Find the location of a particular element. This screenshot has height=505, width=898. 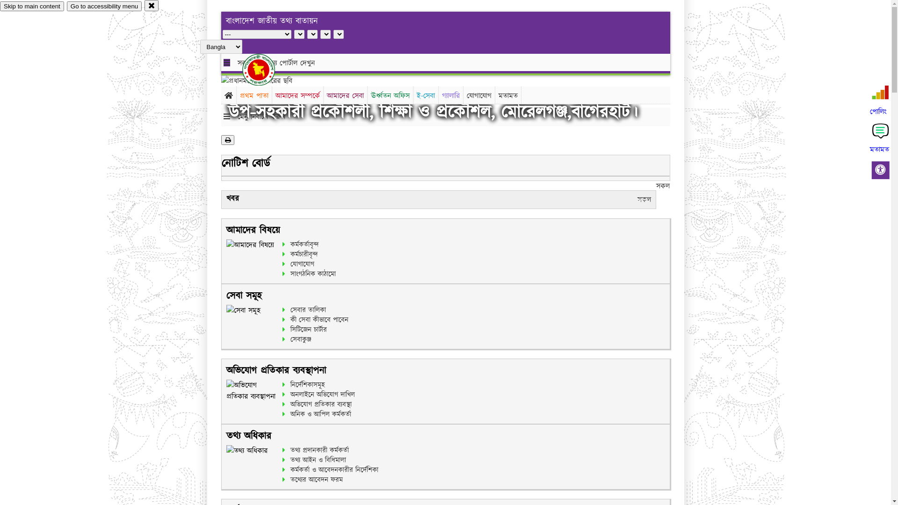

'Go to accessibility menu' is located at coordinates (104, 6).